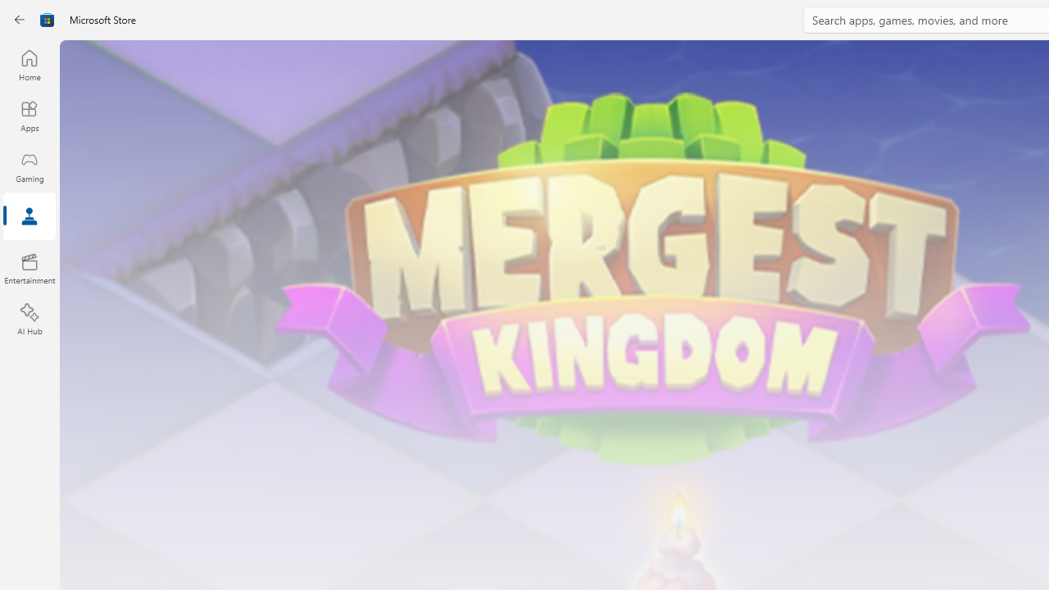  I want to click on 'AI Hub', so click(29, 320).